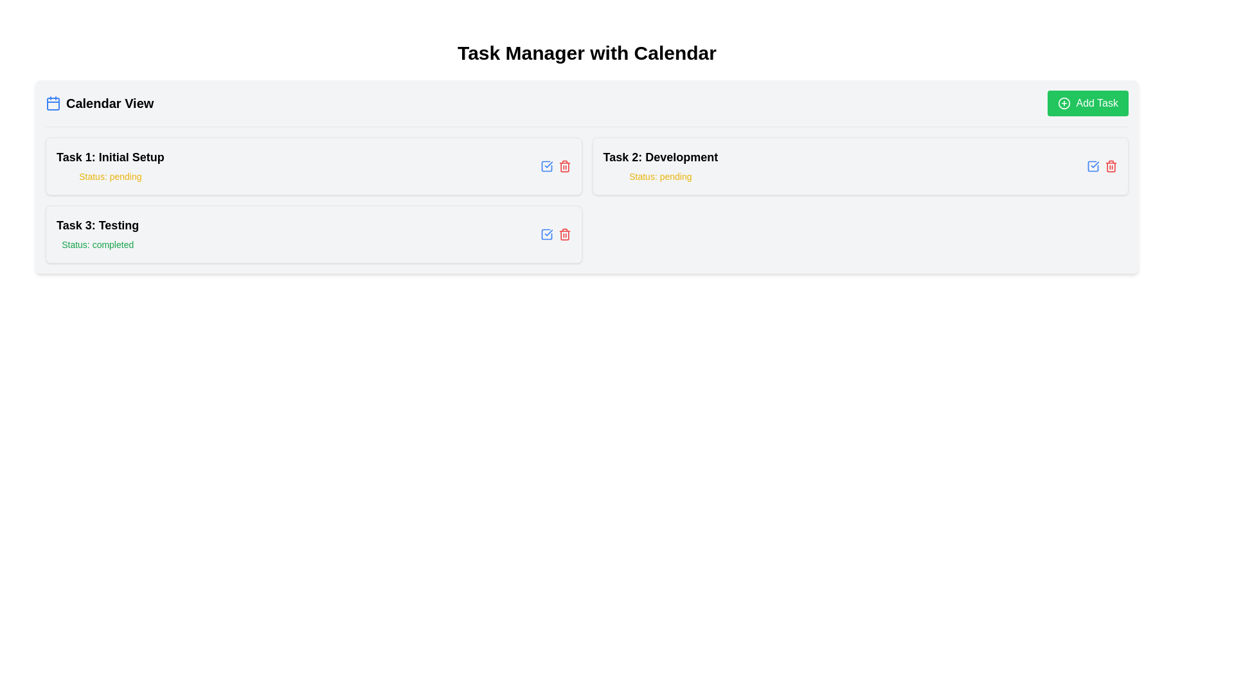 The width and height of the screenshot is (1234, 694). I want to click on the informational Text label that conveys the completion status of 'Task 3: Testing', which is located beneath the task title within the third task card, so click(97, 245).